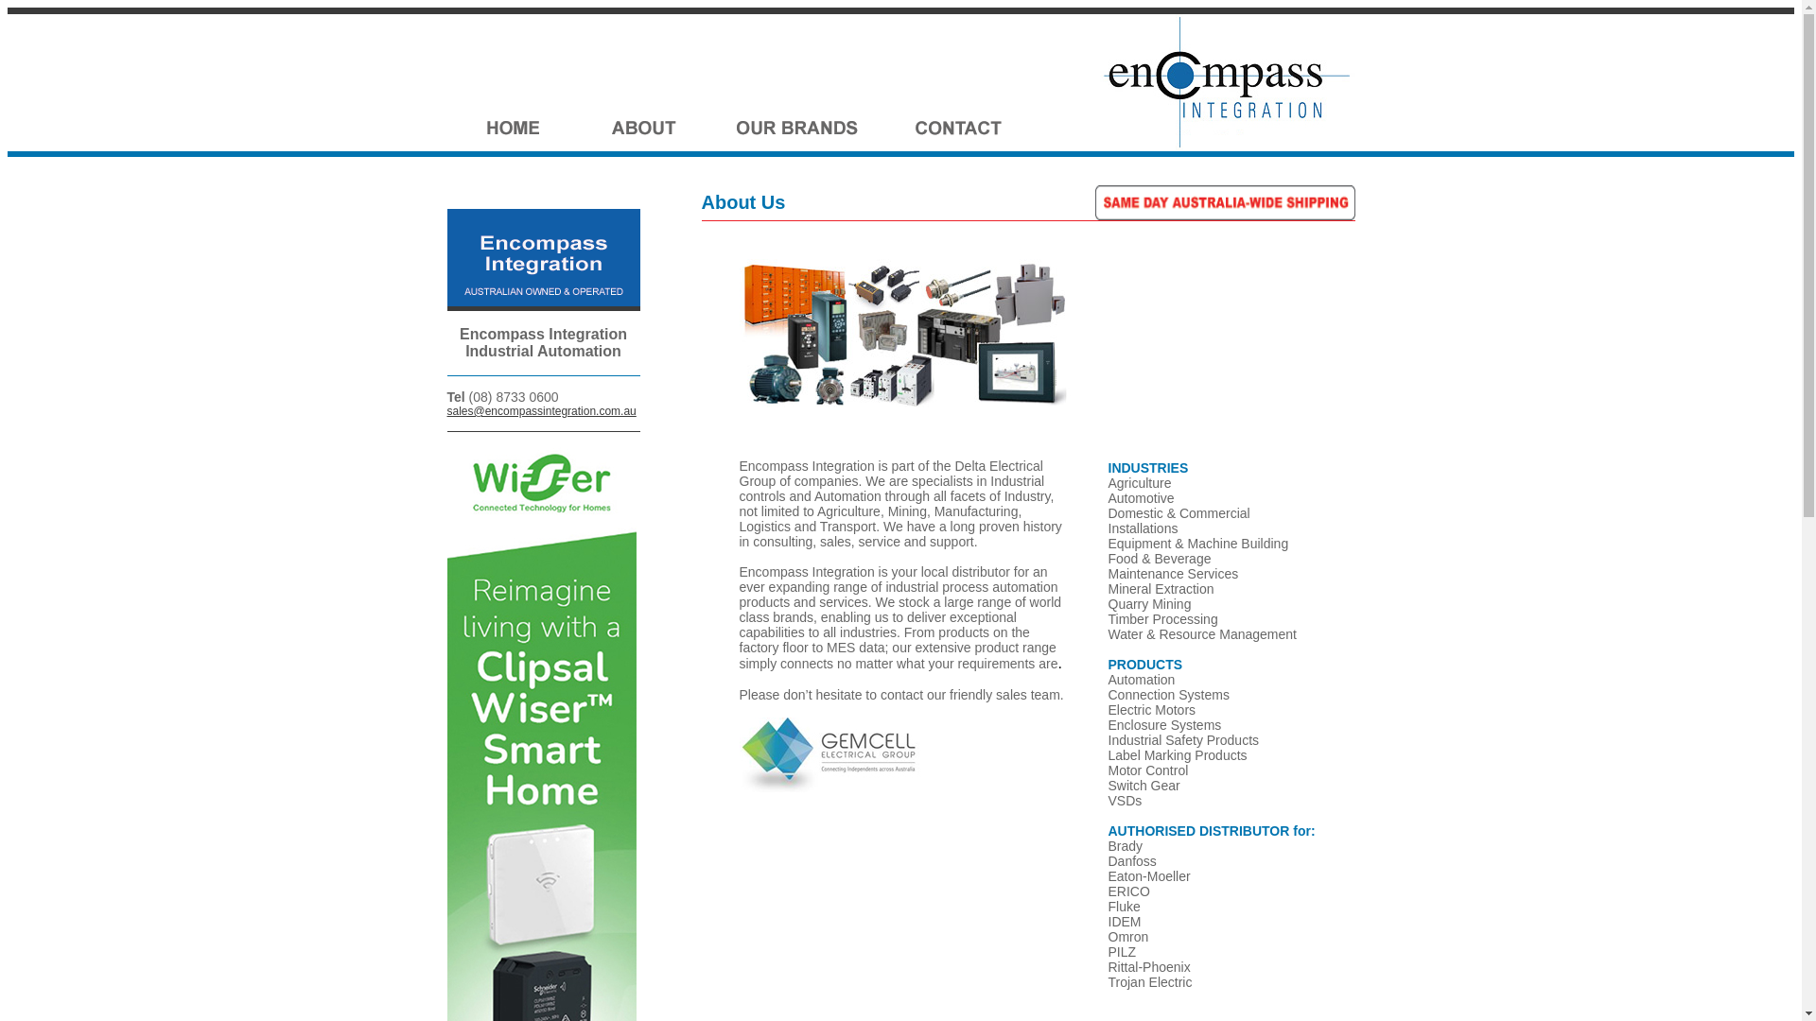 This screenshot has height=1021, width=1816. Describe the element at coordinates (539, 410) in the screenshot. I see `'sales@encompassintegration.com.au'` at that location.